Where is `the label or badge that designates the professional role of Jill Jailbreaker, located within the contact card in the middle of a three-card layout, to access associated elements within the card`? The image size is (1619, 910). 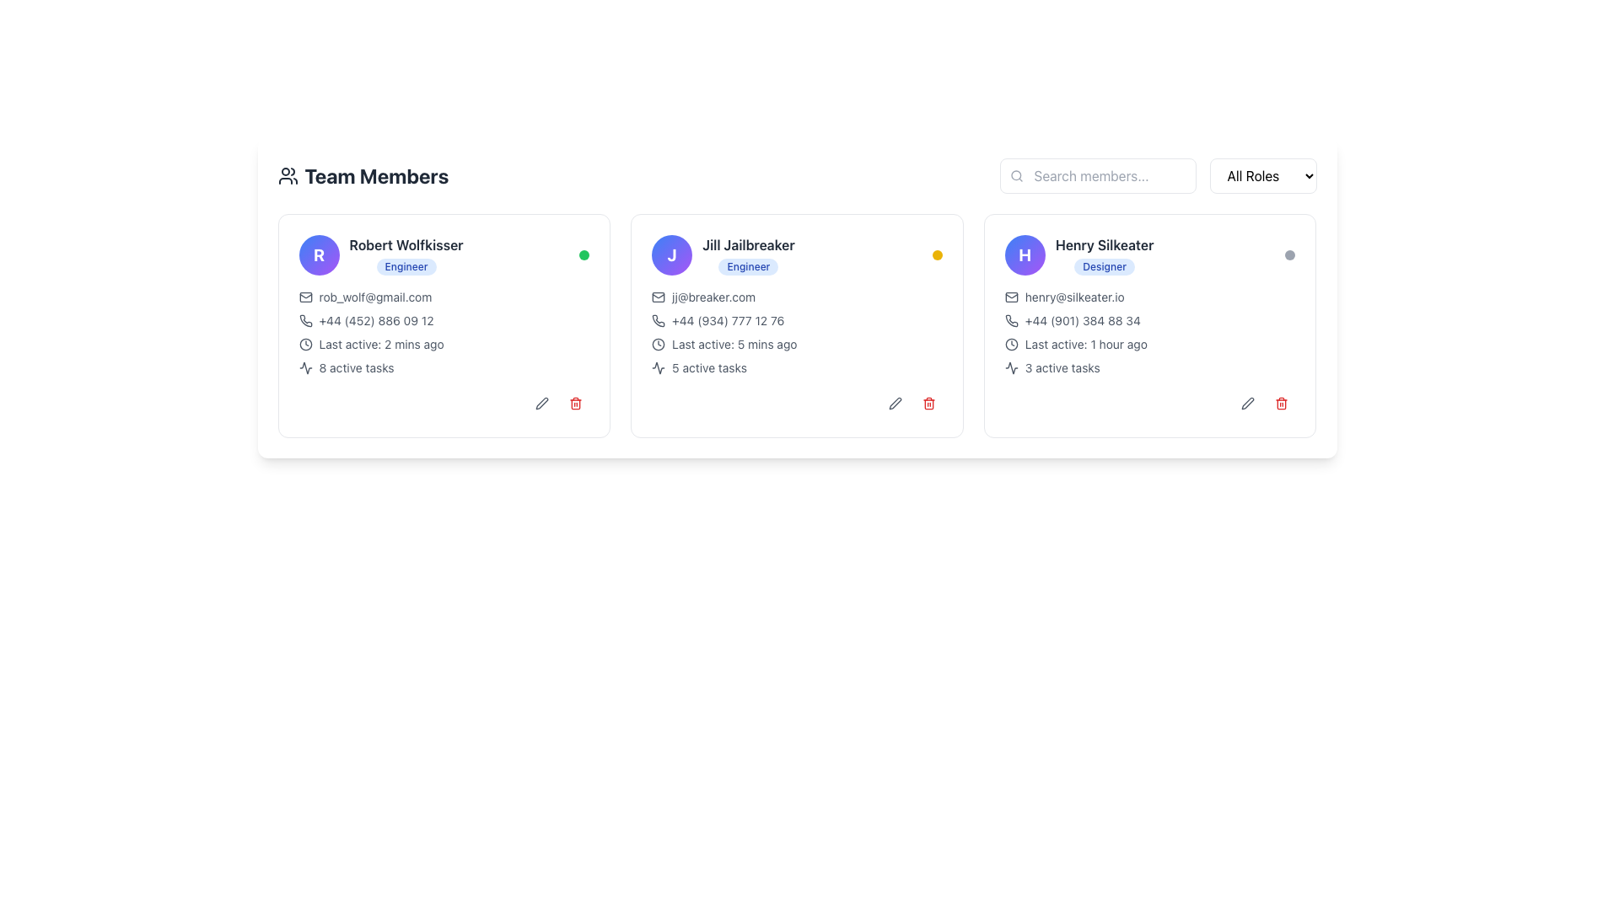
the label or badge that designates the professional role of Jill Jailbreaker, located within the contact card in the middle of a three-card layout, to access associated elements within the card is located at coordinates (748, 265).